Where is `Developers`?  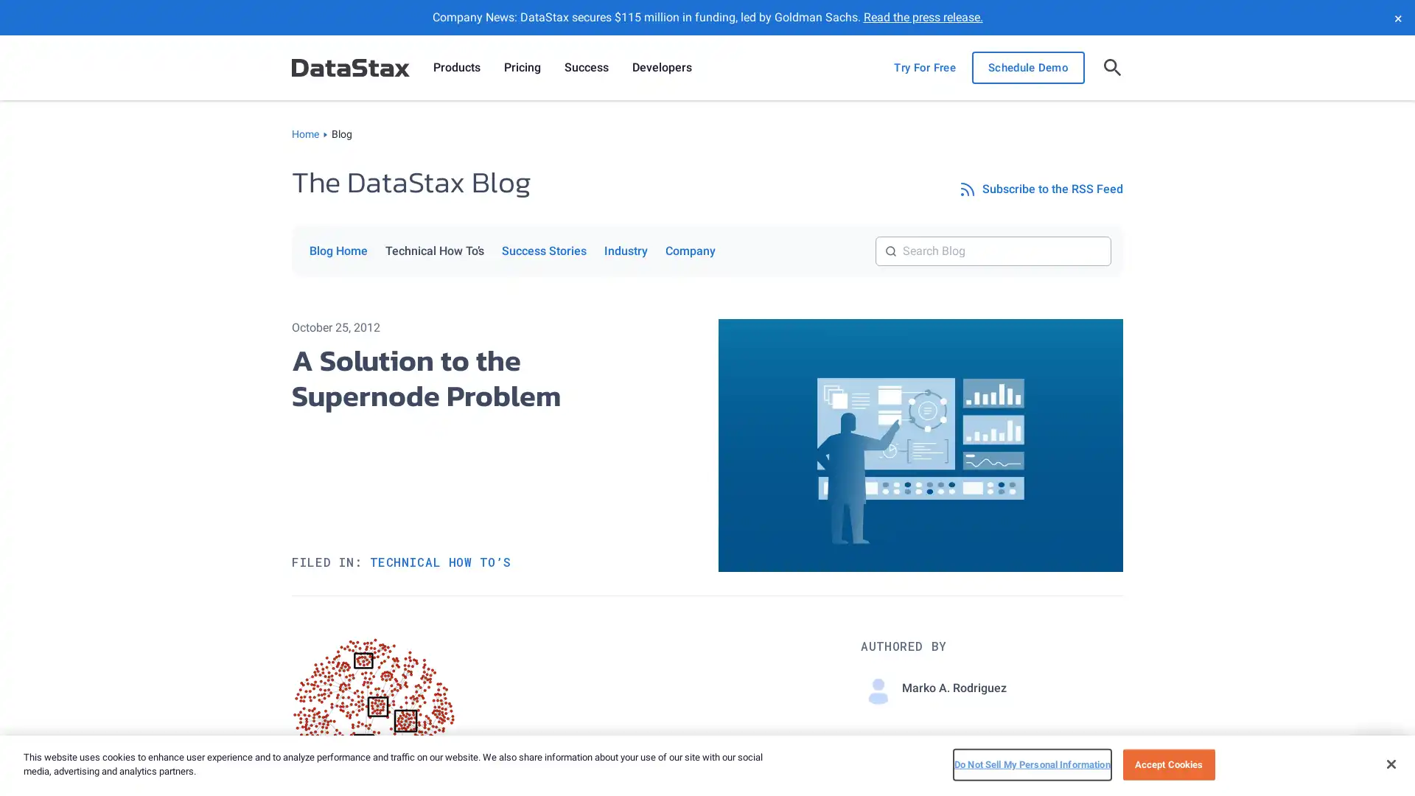 Developers is located at coordinates (661, 68).